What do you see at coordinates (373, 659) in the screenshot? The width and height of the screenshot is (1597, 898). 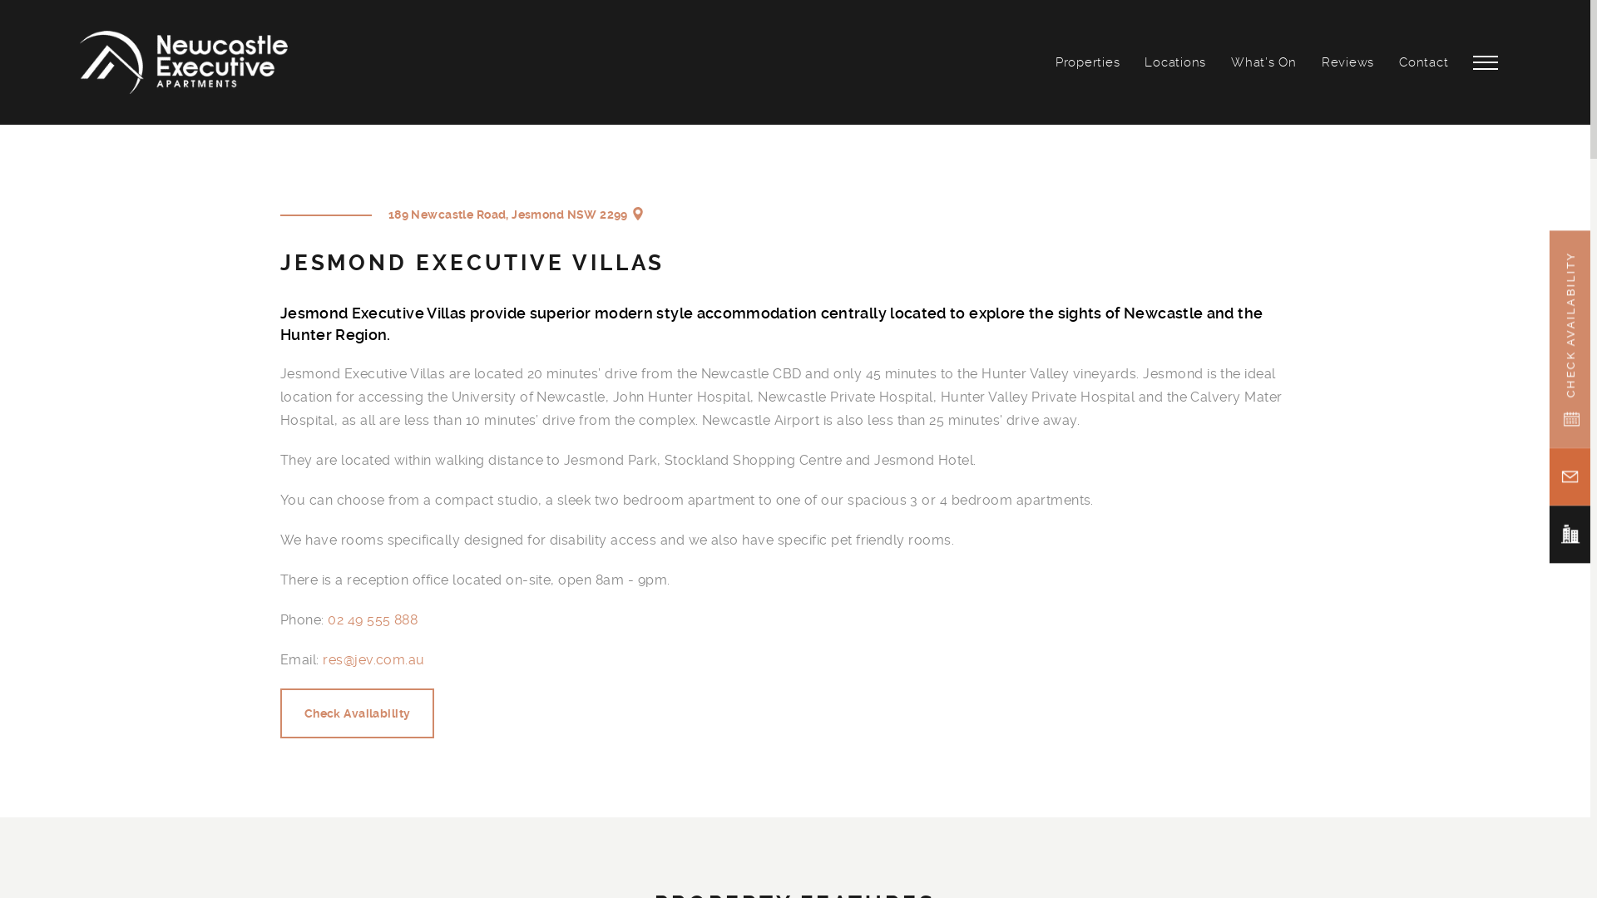 I see `'res@jev.com.au'` at bounding box center [373, 659].